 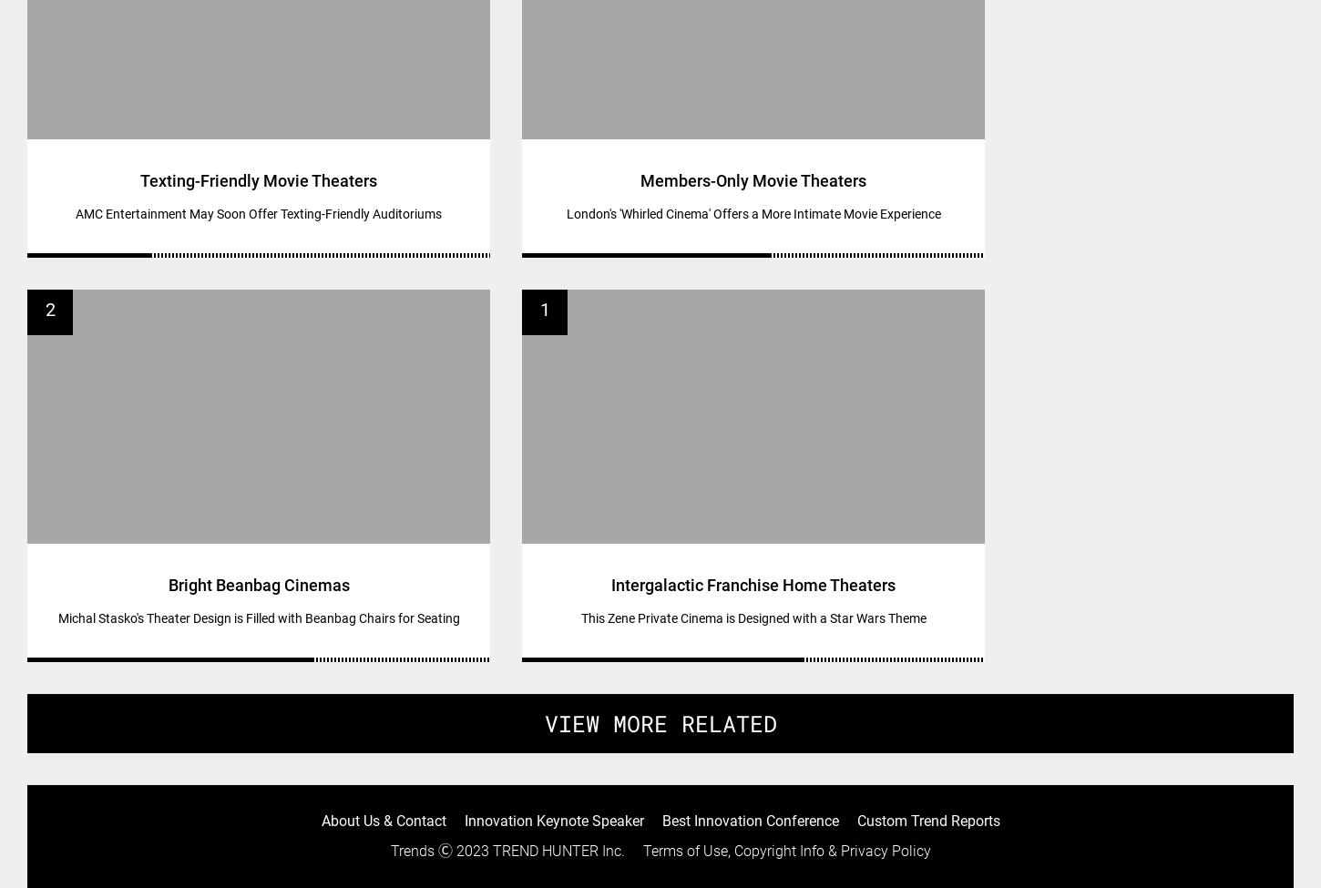 What do you see at coordinates (750, 819) in the screenshot?
I see `'Best Innovation Conference'` at bounding box center [750, 819].